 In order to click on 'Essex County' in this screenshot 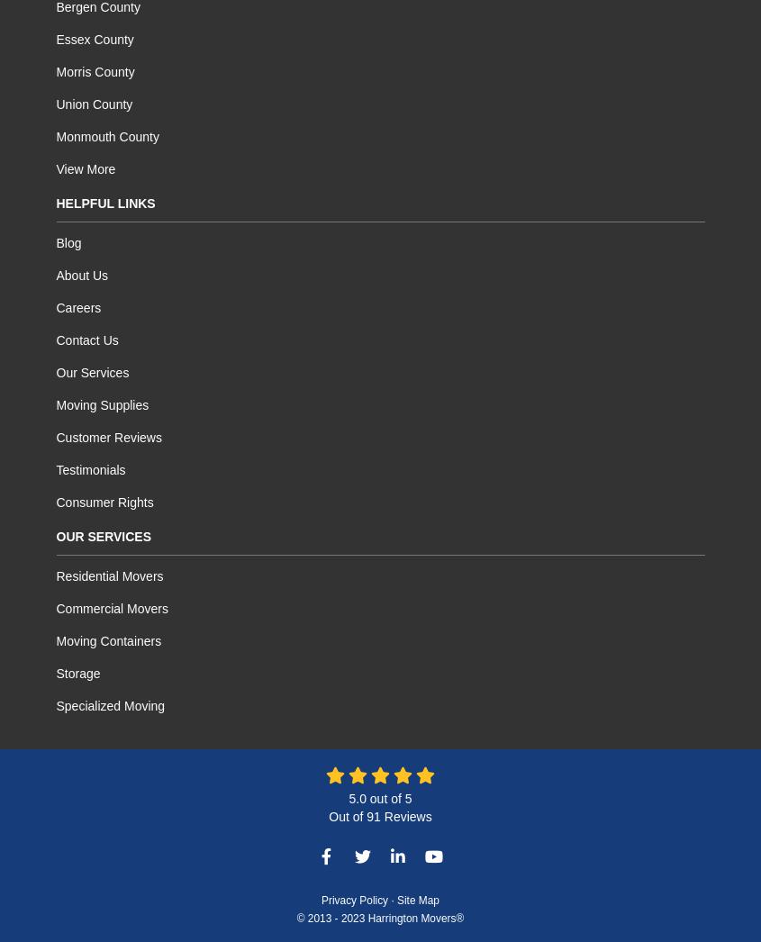, I will do `click(95, 39)`.